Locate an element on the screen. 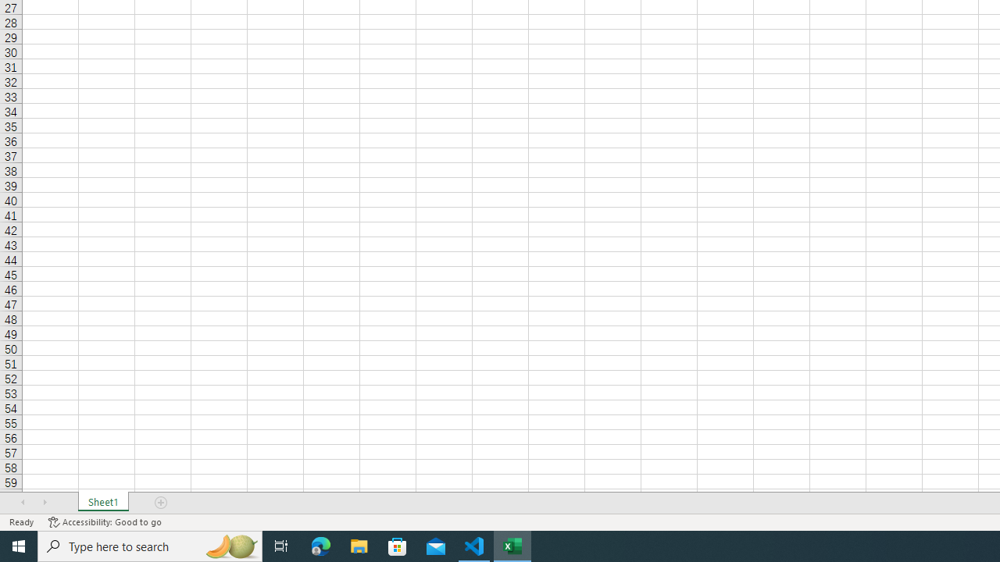  'Scroll Right' is located at coordinates (45, 503).